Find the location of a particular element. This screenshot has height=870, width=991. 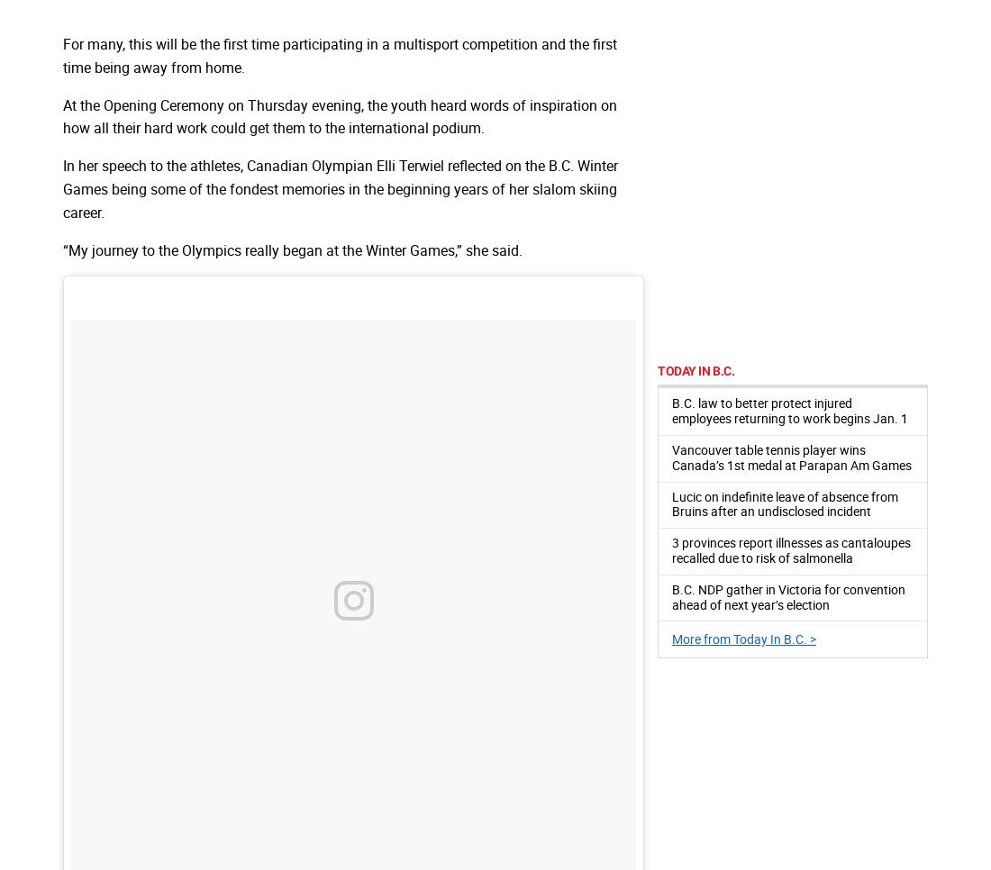

'Today in B.C.' is located at coordinates (696, 370).